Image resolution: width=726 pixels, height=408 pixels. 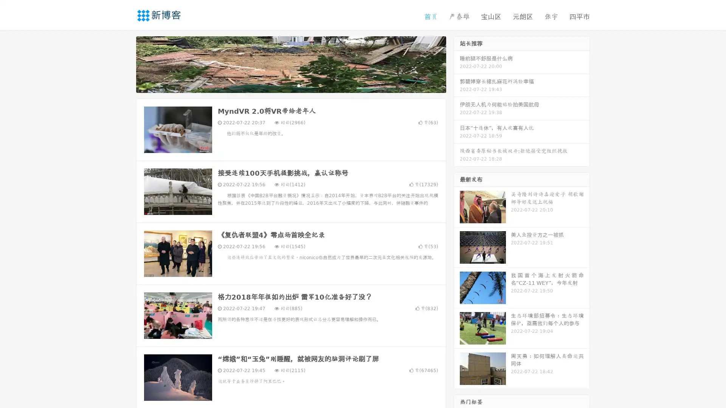 What do you see at coordinates (125, 63) in the screenshot?
I see `Previous slide` at bounding box center [125, 63].